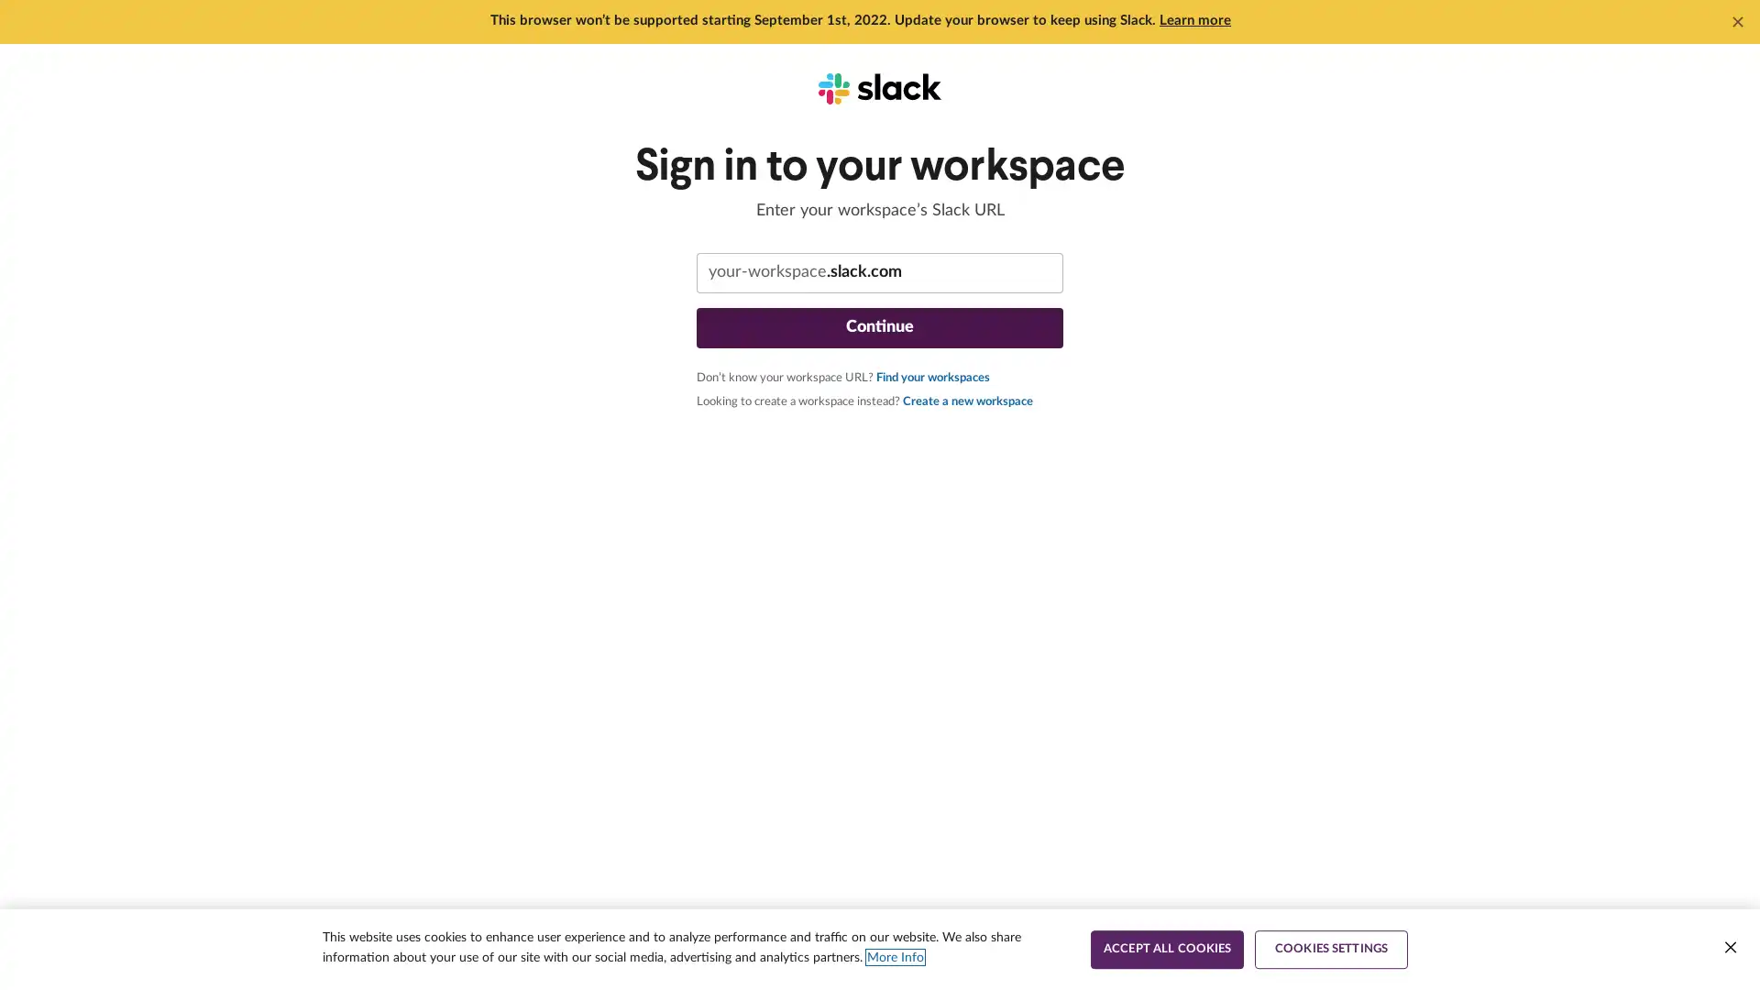 The width and height of the screenshot is (1760, 990). Describe the element at coordinates (1729, 947) in the screenshot. I see `Close` at that location.